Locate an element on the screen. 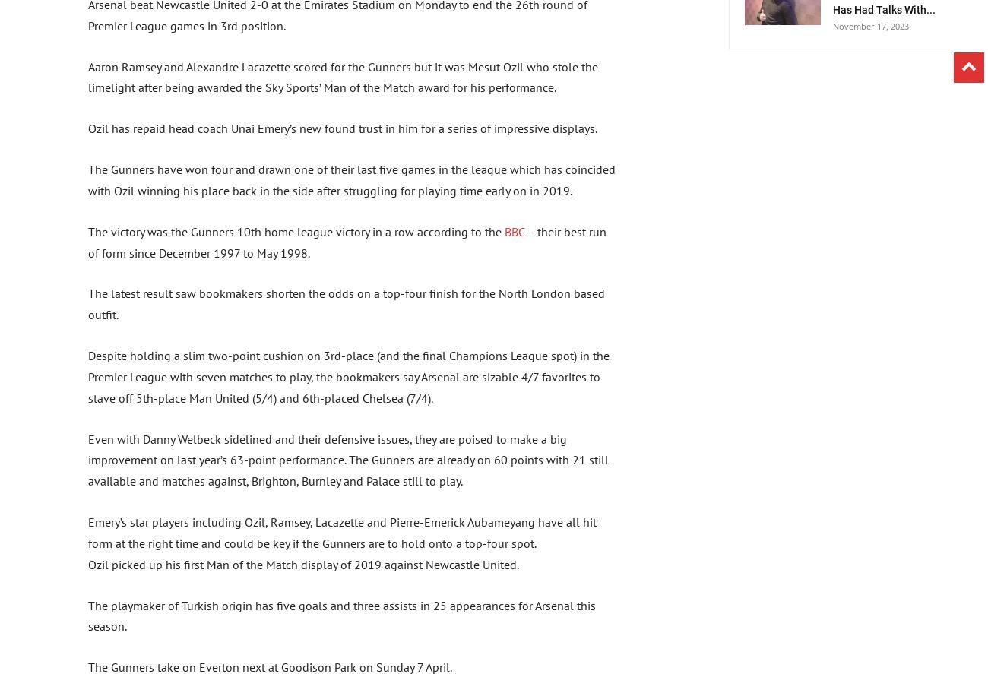 This screenshot has width=988, height=674. 'Despite holding a slim two-point cushion on 3rd-place (and the final Champions League spot) in the Premier League with seven matches to play, the bookmakers say Arsenal are sizable 4/7 favorites to stave off 5th-place Man United (5/4) and 6th-placed Chelsea (7/4).' is located at coordinates (348, 376).